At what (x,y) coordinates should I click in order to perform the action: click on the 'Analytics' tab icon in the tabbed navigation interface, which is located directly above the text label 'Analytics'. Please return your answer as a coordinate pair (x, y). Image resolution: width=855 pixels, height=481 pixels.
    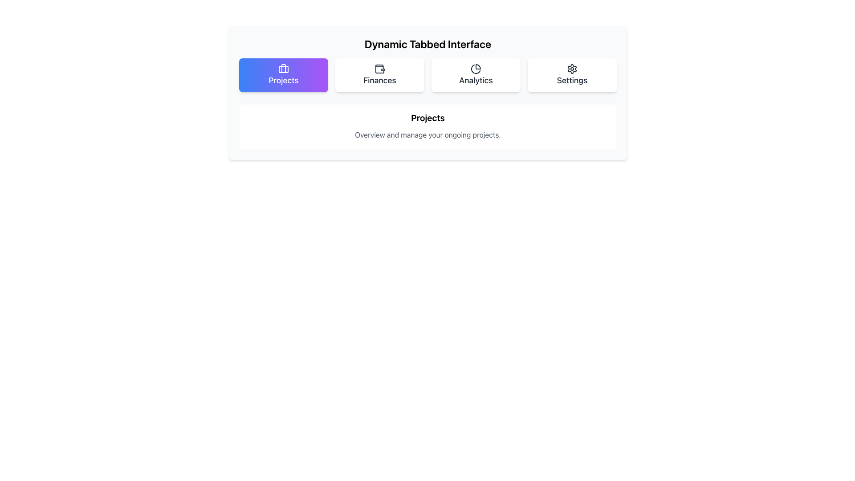
    Looking at the image, I should click on (476, 68).